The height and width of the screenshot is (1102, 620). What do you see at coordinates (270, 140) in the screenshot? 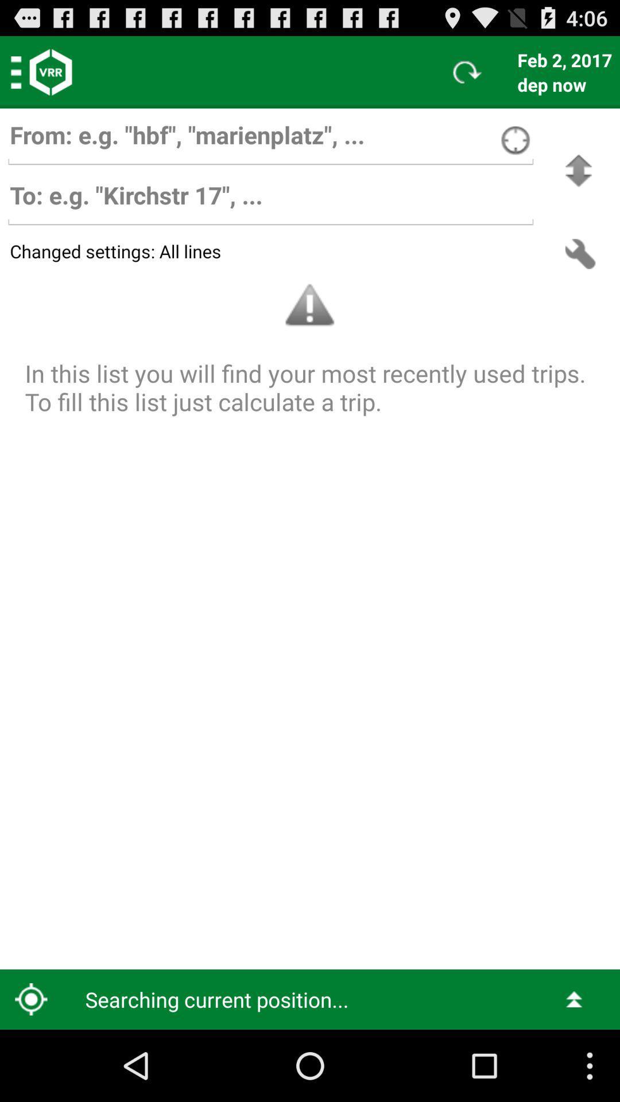
I see `the sender` at bounding box center [270, 140].